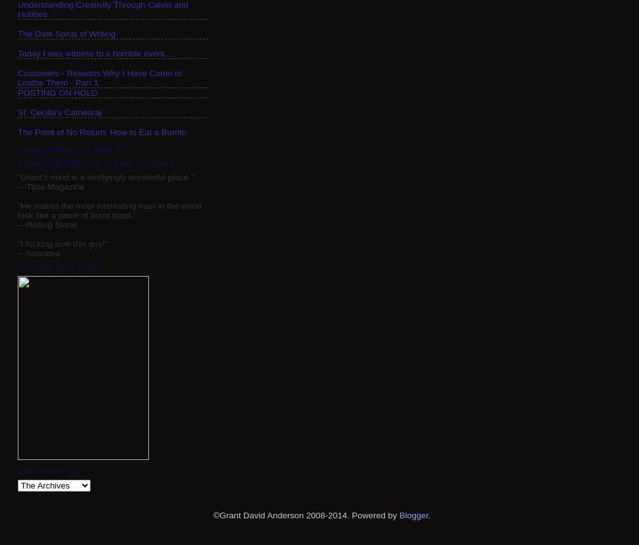 The height and width of the screenshot is (545, 639). What do you see at coordinates (101, 131) in the screenshot?
I see `'The Point of No Return: How to Eat a Burrito'` at bounding box center [101, 131].